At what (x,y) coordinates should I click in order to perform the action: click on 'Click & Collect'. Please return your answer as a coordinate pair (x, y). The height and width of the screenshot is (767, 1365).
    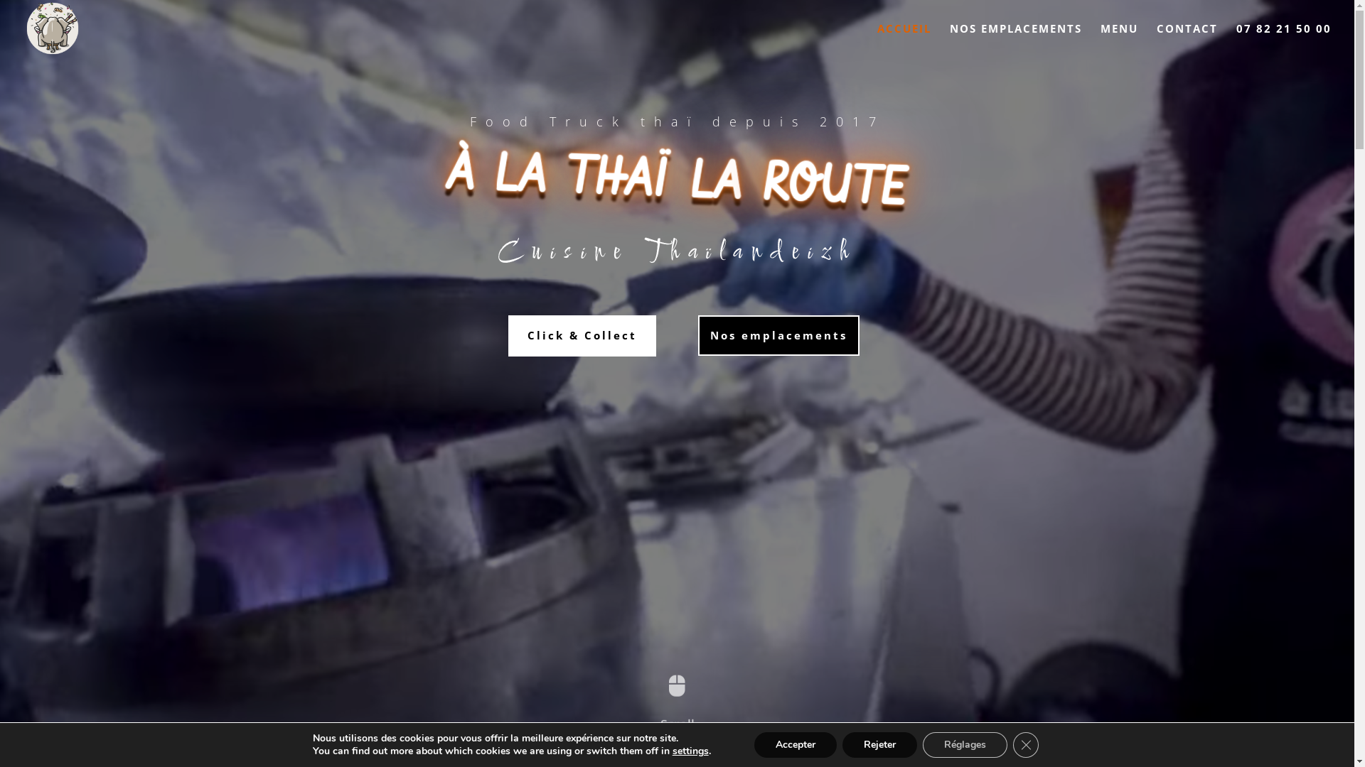
    Looking at the image, I should click on (582, 336).